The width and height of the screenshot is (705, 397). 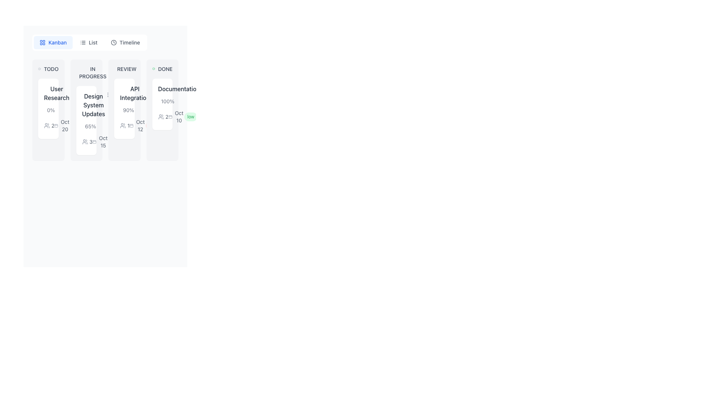 I want to click on the text label located at the top of a card in the 'REVIEW' column of the kanban board, so click(x=135, y=93).